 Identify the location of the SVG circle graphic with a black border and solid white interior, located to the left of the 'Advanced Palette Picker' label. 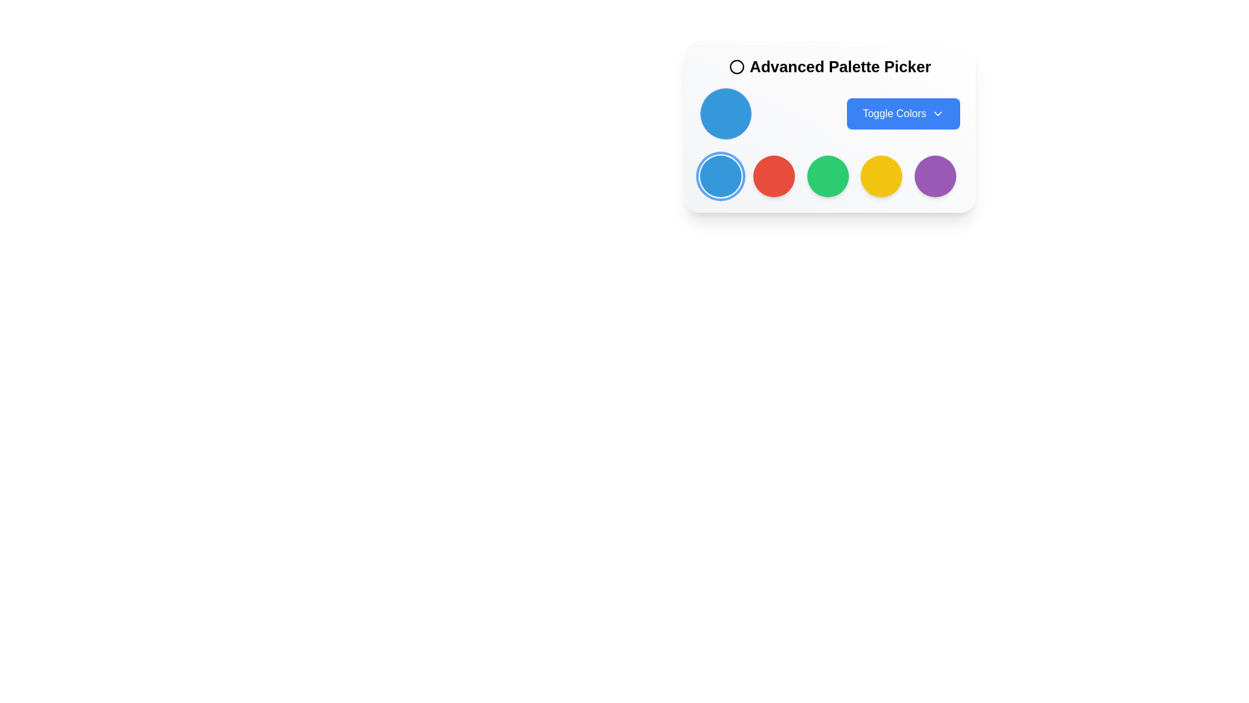
(736, 67).